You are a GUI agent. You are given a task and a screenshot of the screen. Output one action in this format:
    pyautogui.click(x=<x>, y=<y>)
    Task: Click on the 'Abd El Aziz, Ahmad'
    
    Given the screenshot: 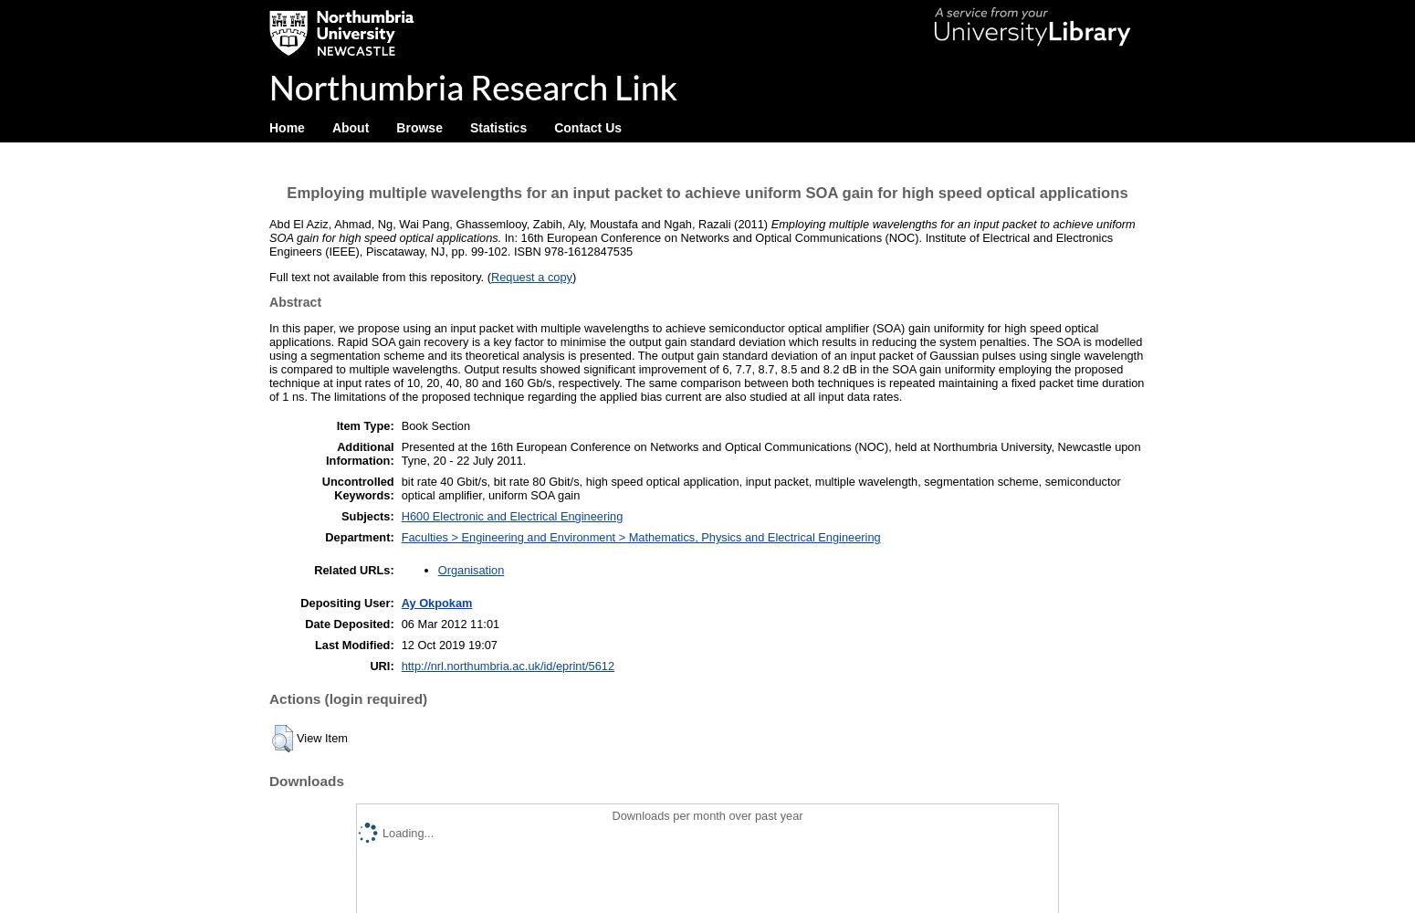 What is the action you would take?
    pyautogui.click(x=319, y=223)
    